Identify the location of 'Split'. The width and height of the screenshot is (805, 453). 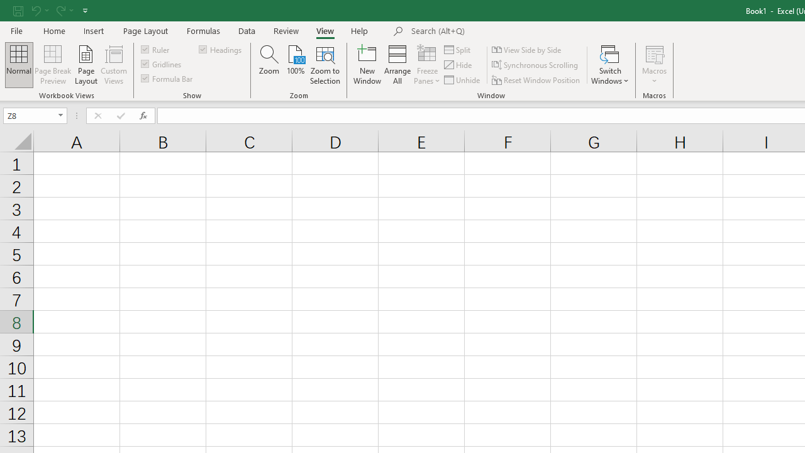
(457, 49).